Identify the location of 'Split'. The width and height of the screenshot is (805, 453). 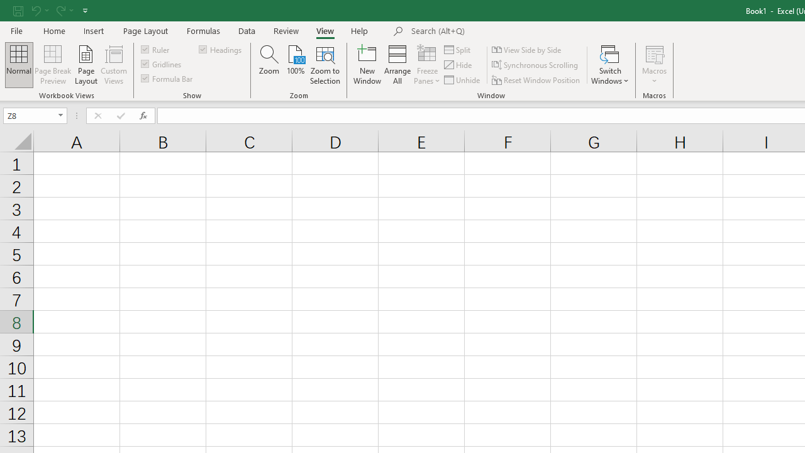
(457, 49).